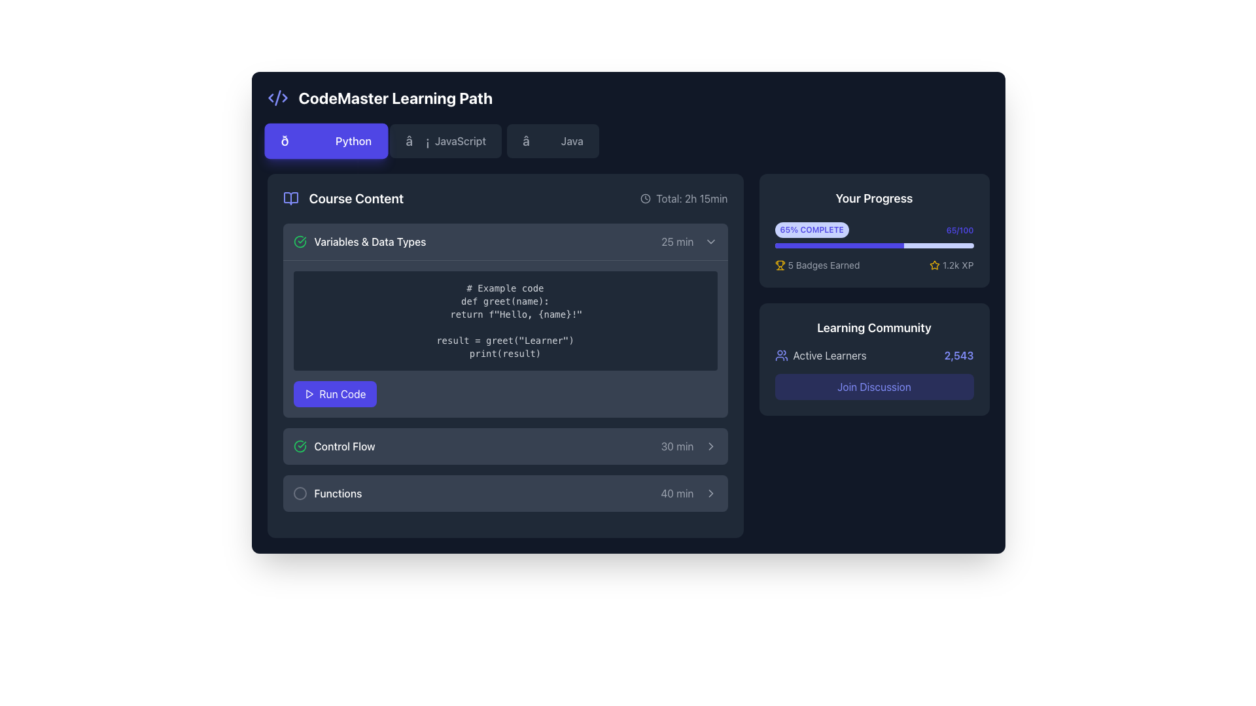  I want to click on the indigo blue 'Run Code' button with white text and a play icon, located below the 'Example code' snippet in the first collapsible section, to observe any visual changes, so click(335, 393).